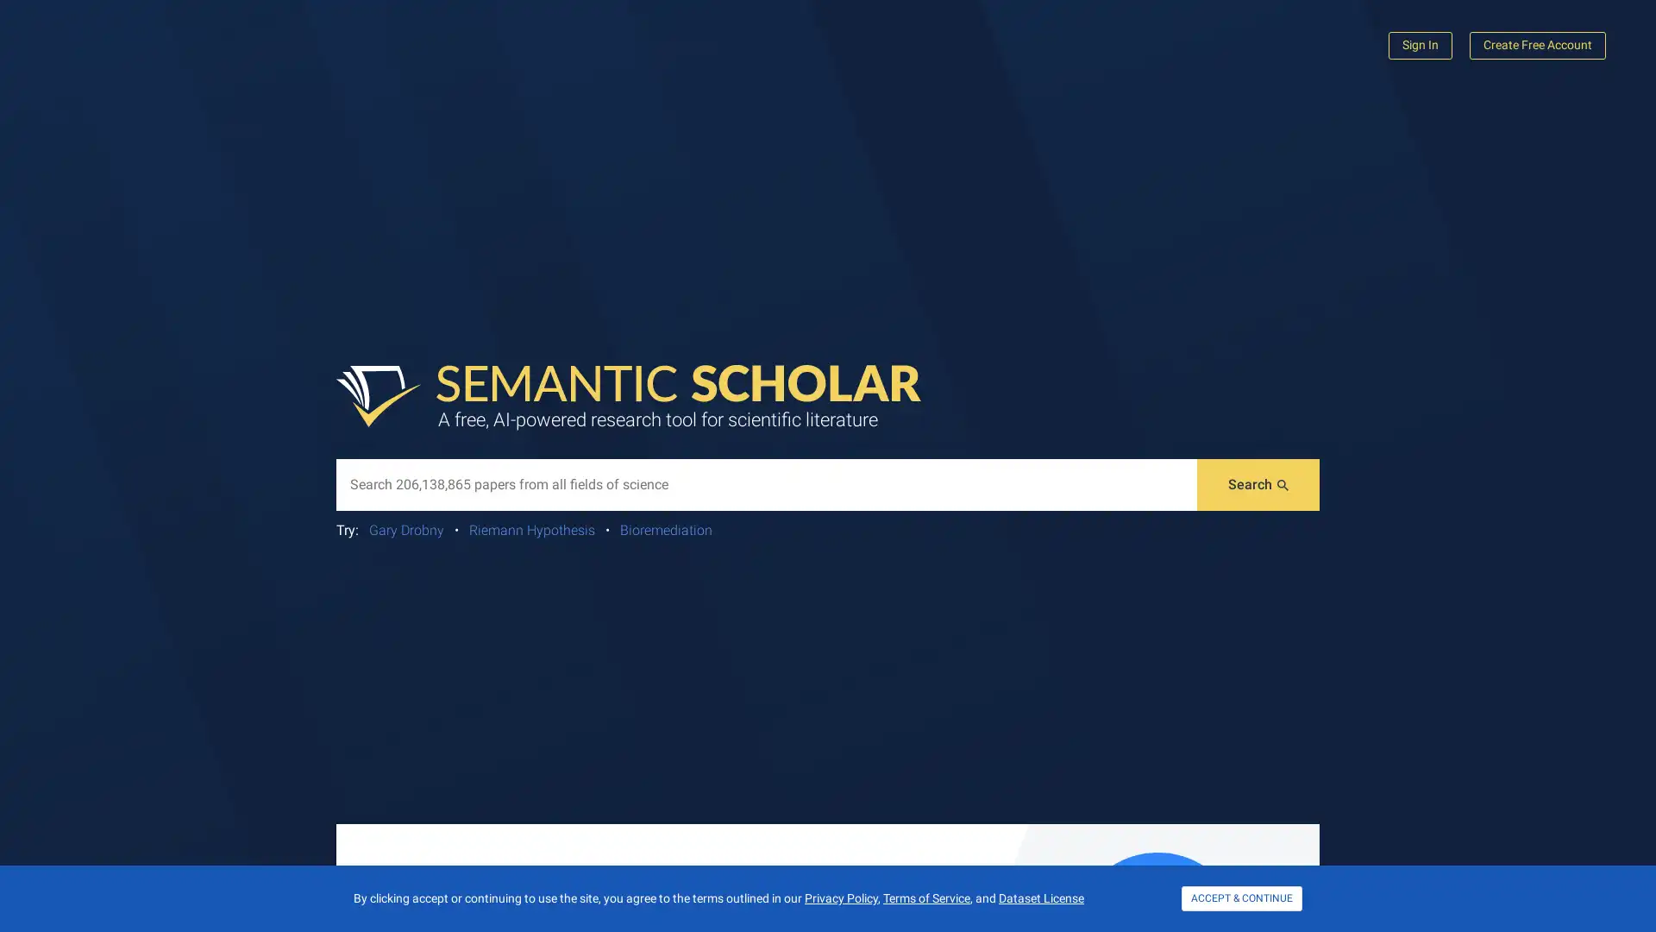 The height and width of the screenshot is (932, 1656). Describe the element at coordinates (1537, 44) in the screenshot. I see `Create Free Account` at that location.